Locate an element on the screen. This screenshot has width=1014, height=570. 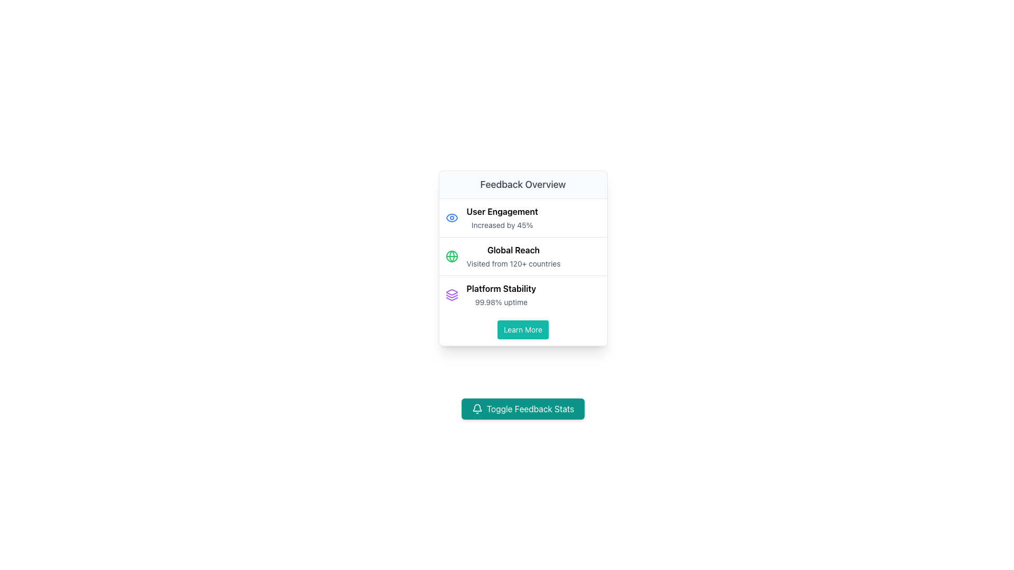
the teal blue button labeled 'Toggle Feedback Stats' with a white bell icon is located at coordinates (523, 408).